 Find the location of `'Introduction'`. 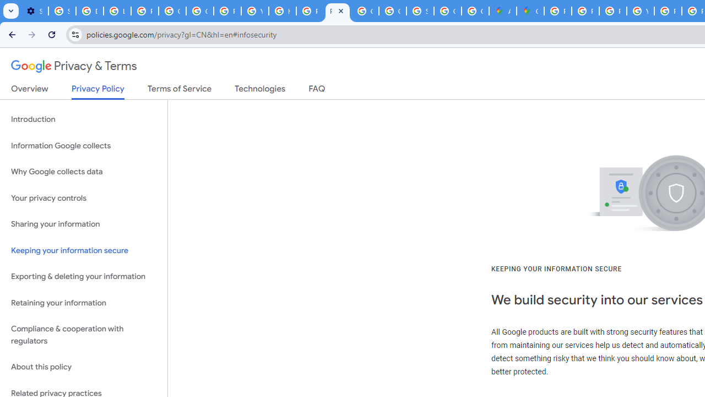

'Introduction' is located at coordinates (83, 120).